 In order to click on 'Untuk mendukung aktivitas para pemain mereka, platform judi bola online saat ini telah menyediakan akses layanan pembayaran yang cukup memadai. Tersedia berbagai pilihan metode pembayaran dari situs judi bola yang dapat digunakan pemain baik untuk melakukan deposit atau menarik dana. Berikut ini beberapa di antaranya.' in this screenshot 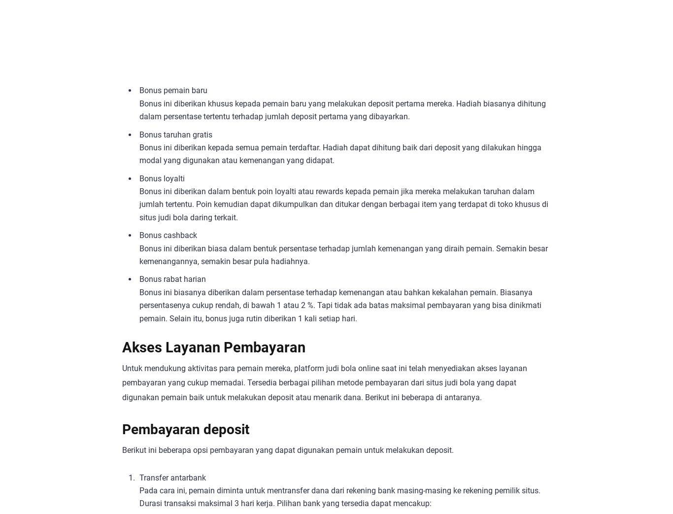, I will do `click(324, 381)`.